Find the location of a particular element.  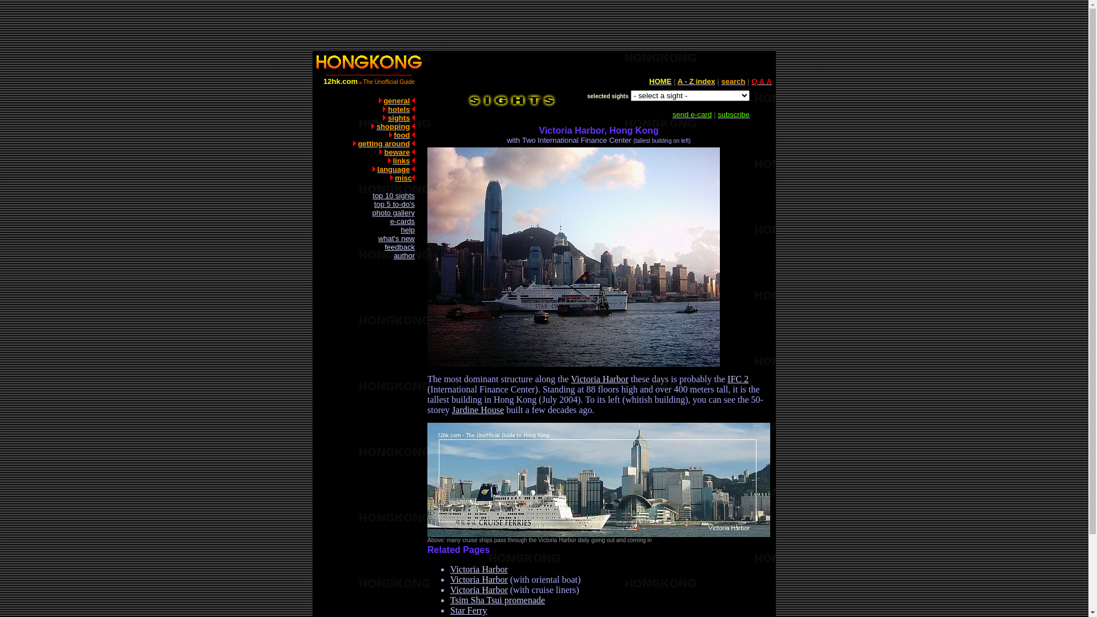

'Victoria Harbor' is located at coordinates (479, 569).